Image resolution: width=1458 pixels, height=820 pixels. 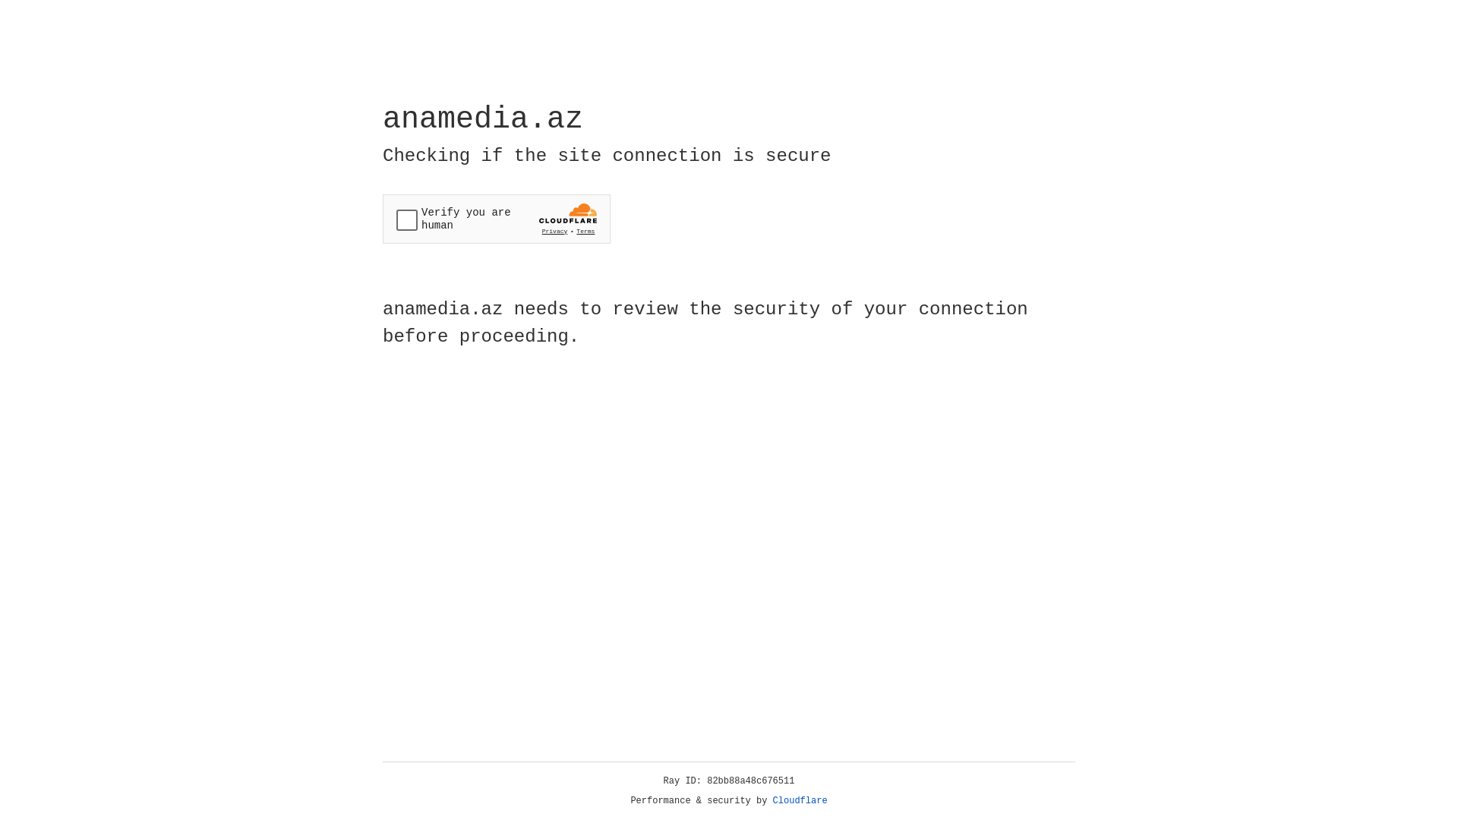 What do you see at coordinates (772, 800) in the screenshot?
I see `'Cloudflare'` at bounding box center [772, 800].